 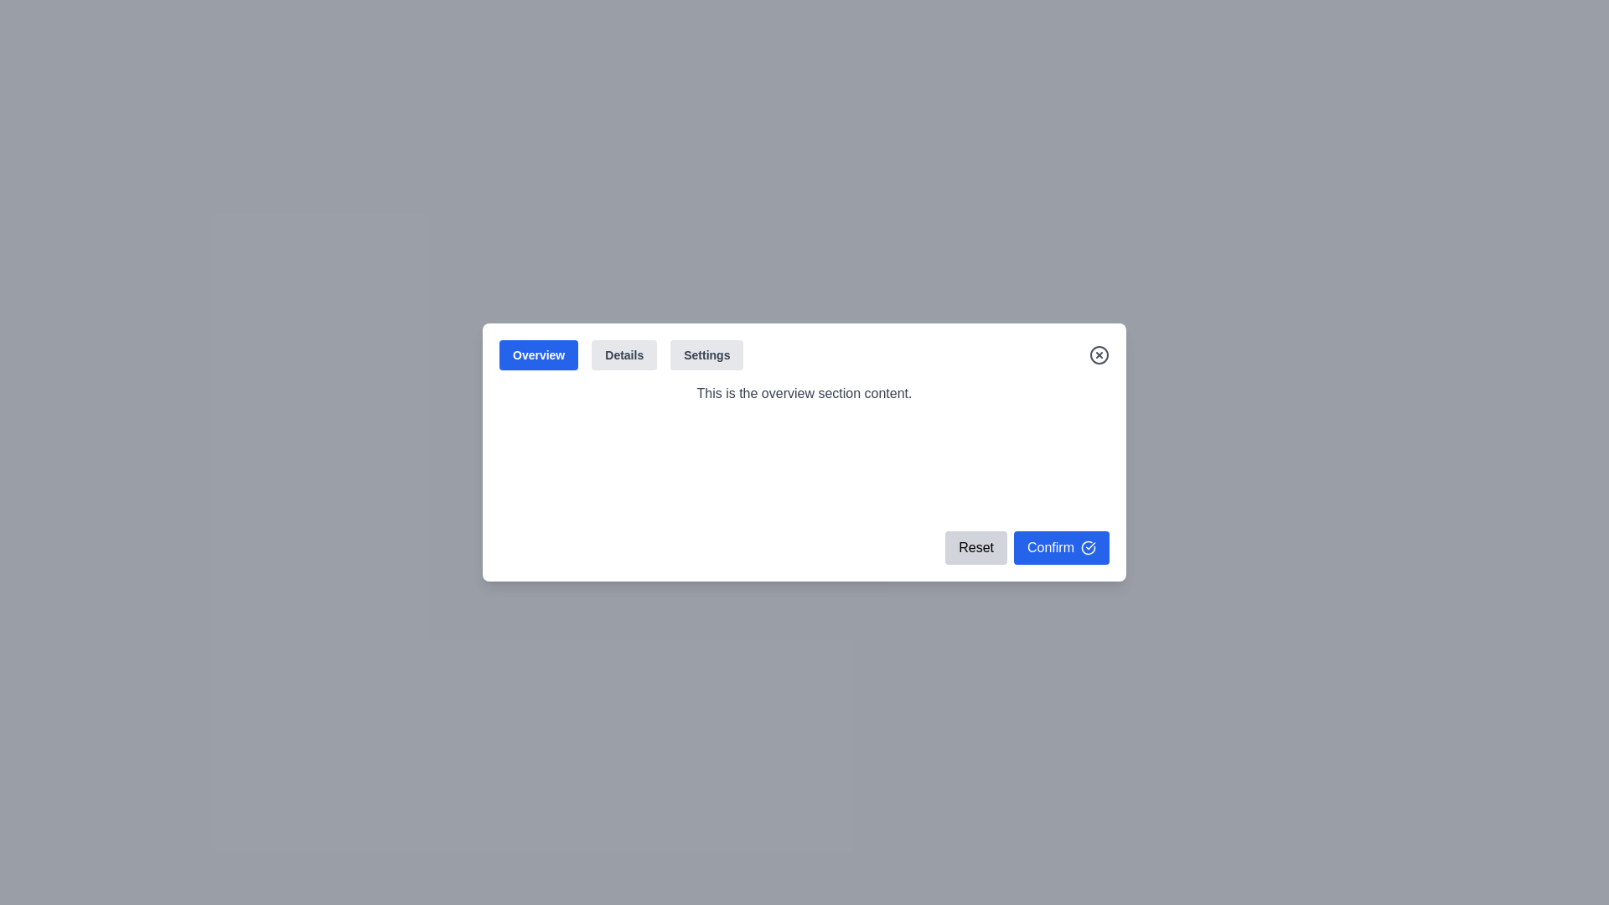 What do you see at coordinates (1061, 548) in the screenshot?
I see `'Confirm' button to confirm the action` at bounding box center [1061, 548].